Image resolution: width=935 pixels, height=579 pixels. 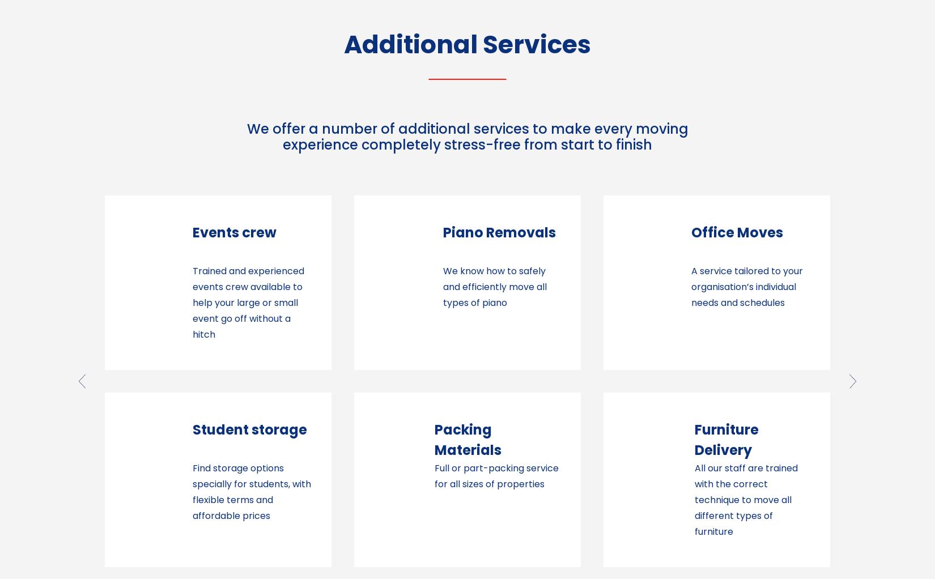 I want to click on 'Packing Materials', so click(x=218, y=439).